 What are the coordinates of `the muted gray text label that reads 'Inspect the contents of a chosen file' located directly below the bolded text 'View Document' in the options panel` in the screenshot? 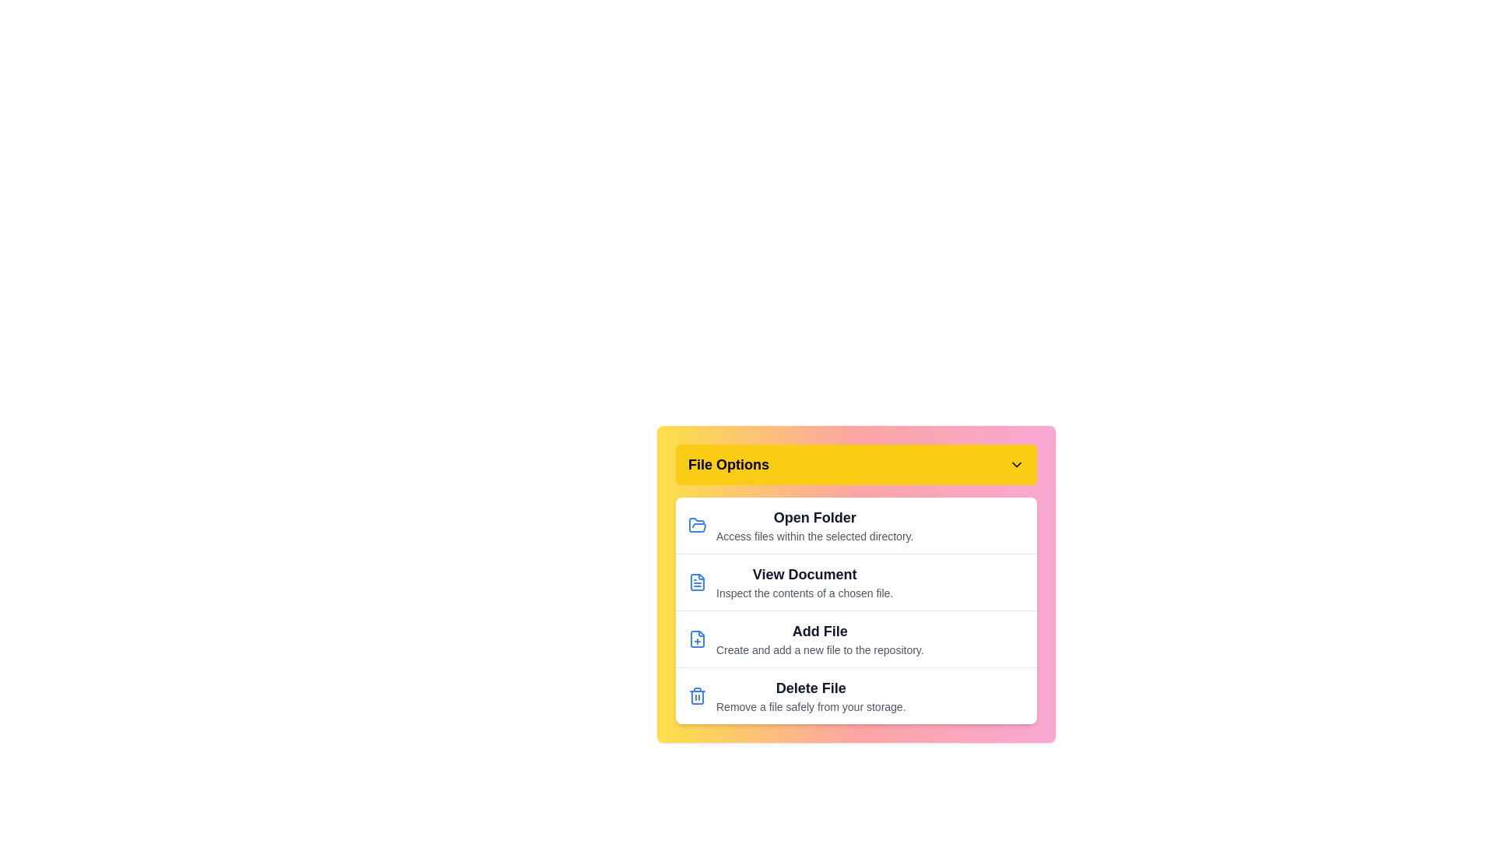 It's located at (804, 593).